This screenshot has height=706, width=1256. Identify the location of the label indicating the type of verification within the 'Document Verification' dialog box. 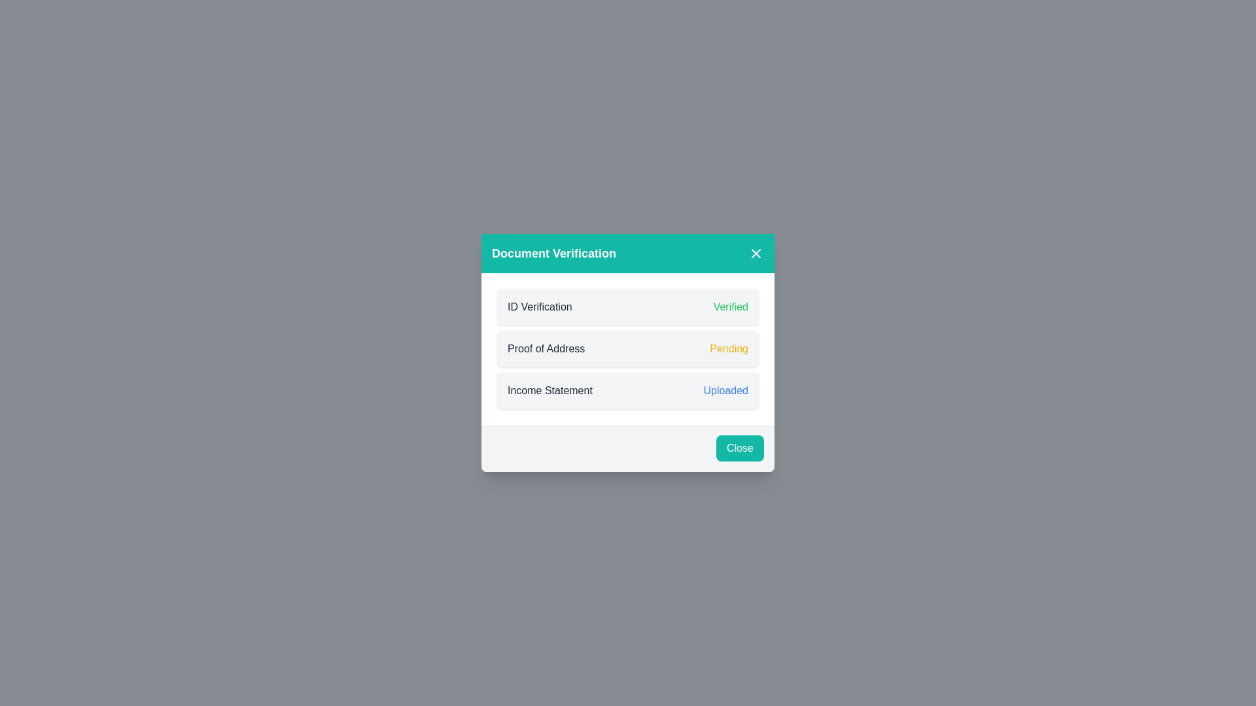
(540, 307).